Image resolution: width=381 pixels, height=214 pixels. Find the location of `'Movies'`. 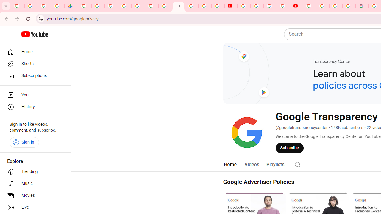

'Movies' is located at coordinates (33, 196).